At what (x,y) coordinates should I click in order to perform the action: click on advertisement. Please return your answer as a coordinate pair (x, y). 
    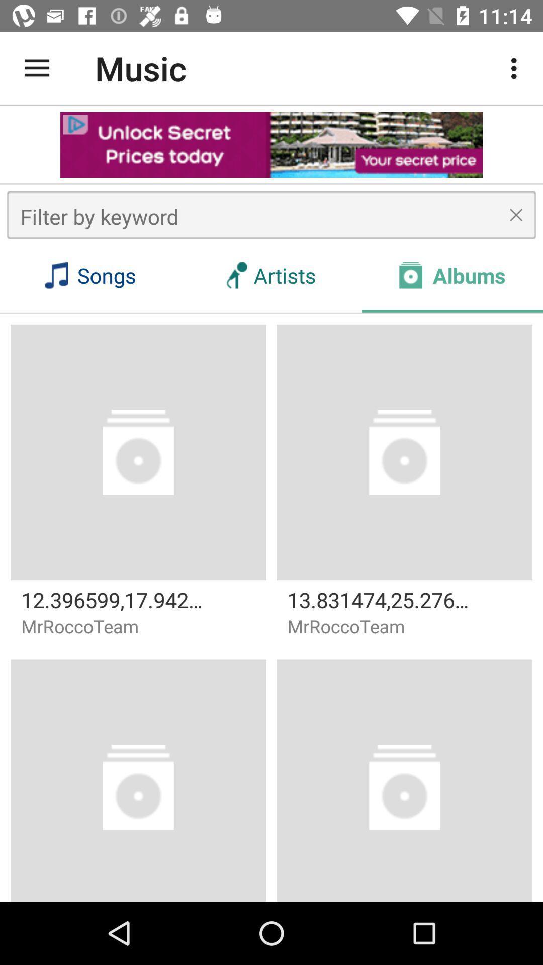
    Looking at the image, I should click on (271, 144).